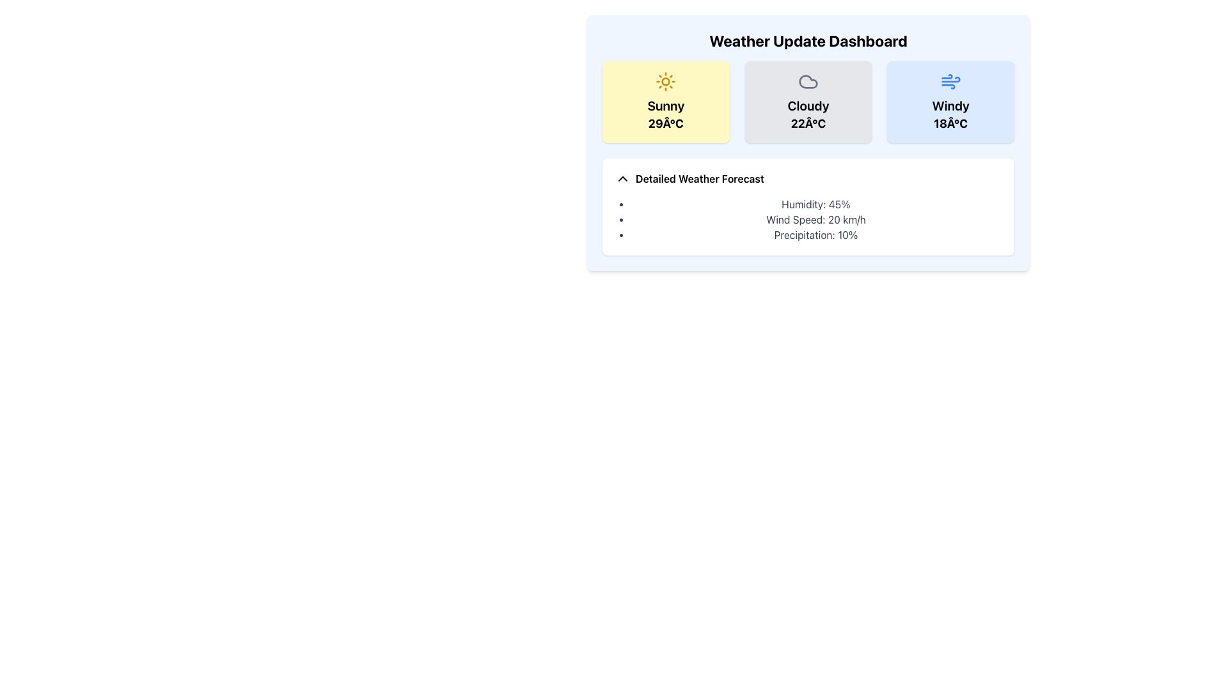 Image resolution: width=1228 pixels, height=690 pixels. I want to click on the circular element that represents the sun in the top-center area of the weather dashboard, which is displayed as the first icon in a row of three weather condition icons, so click(665, 81).